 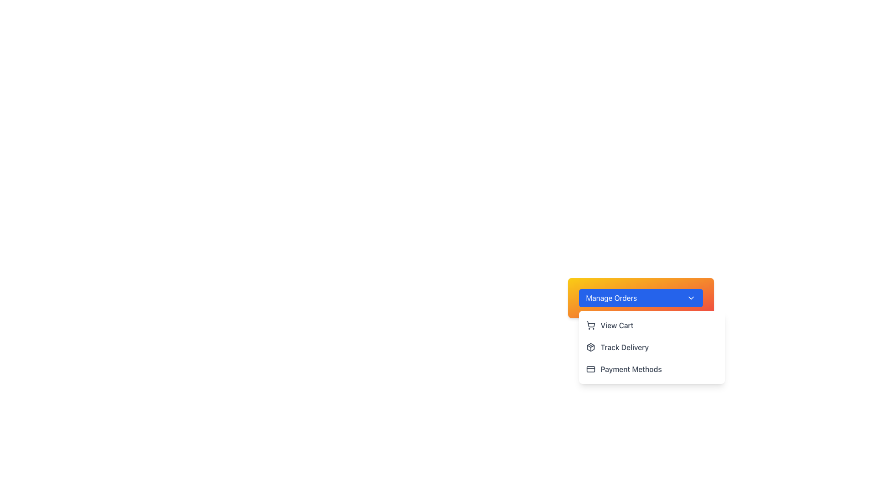 I want to click on the downward-facing chevron icon located at the upper-right corner of the 'Manage Orders' button, so click(x=691, y=298).